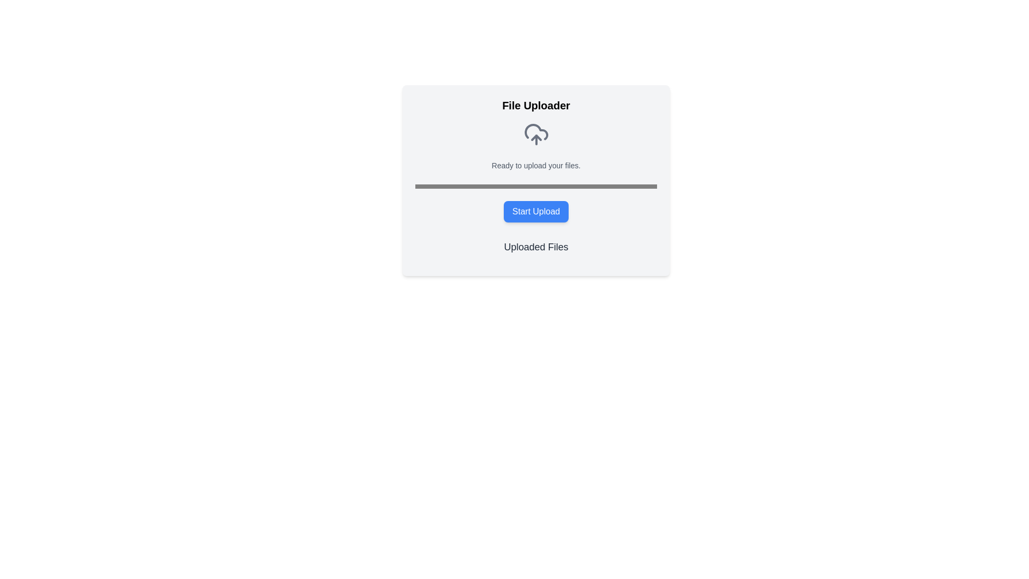 Image resolution: width=1029 pixels, height=579 pixels. What do you see at coordinates (536, 247) in the screenshot?
I see `the text label that reads 'Uploaded Files', which is styled with a larger font size and is located below the 'Start Upload' button in the 'File Uploader' panel` at bounding box center [536, 247].